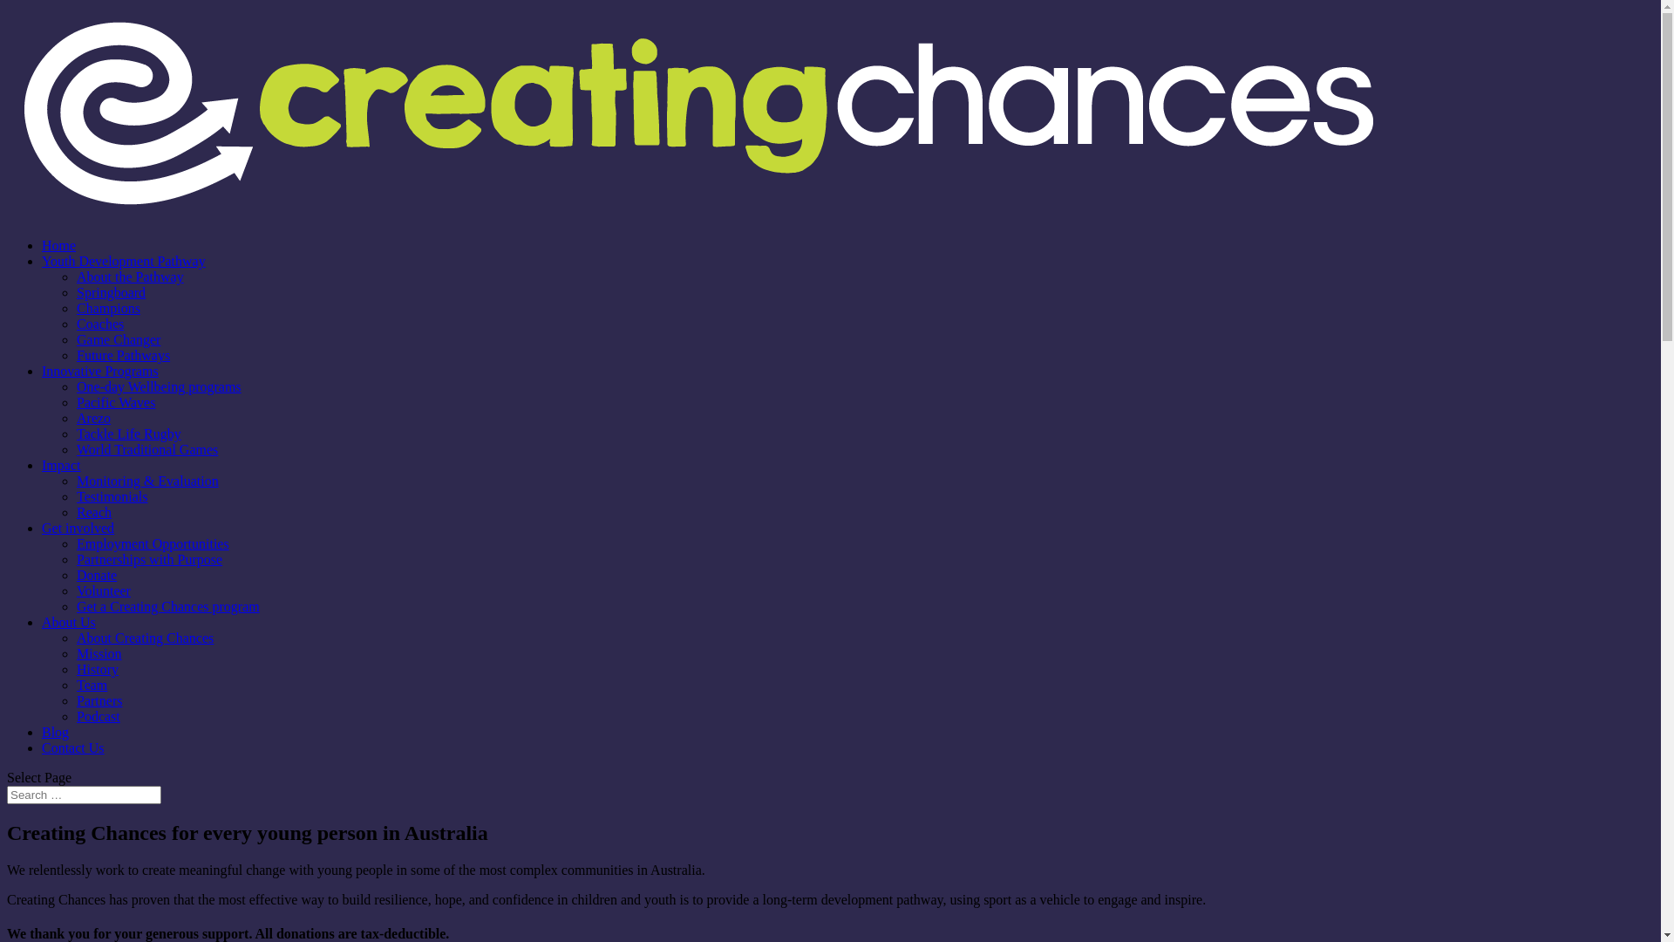 Image resolution: width=1674 pixels, height=942 pixels. I want to click on 'About Us', so click(68, 621).